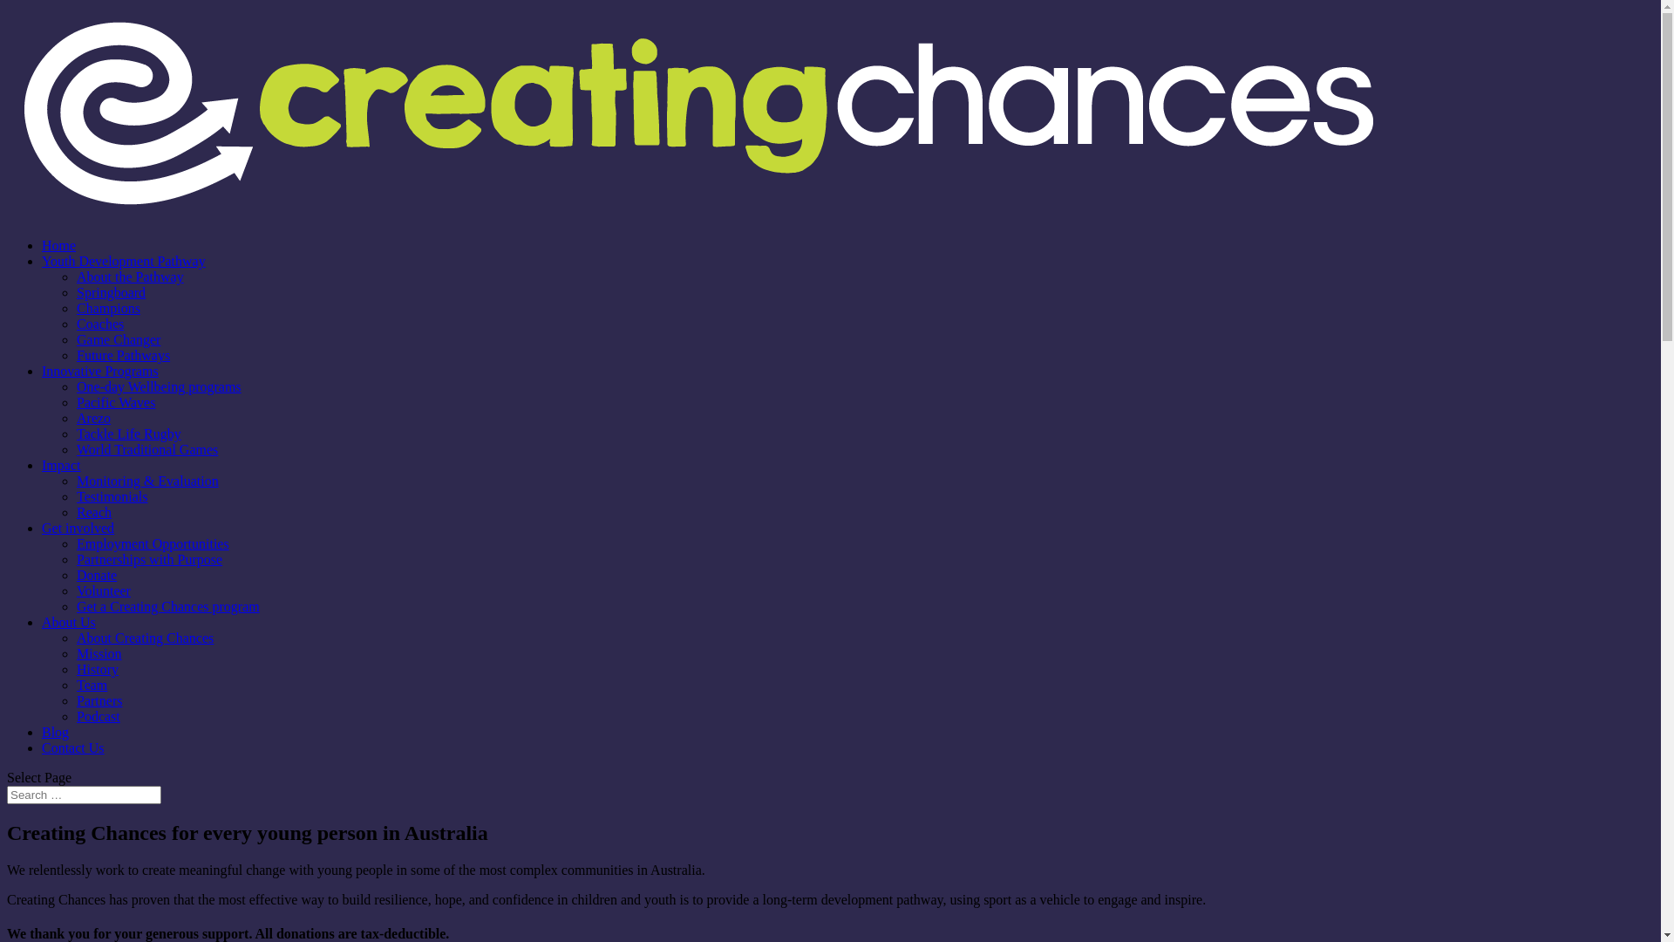 Image resolution: width=1674 pixels, height=942 pixels. I want to click on 'About Us', so click(68, 621).